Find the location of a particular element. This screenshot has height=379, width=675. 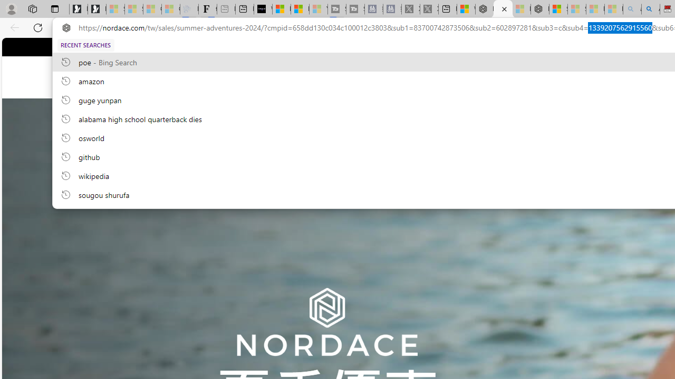

'Nordace - Nordace Siena Is Not An Ordinary Backpack' is located at coordinates (540, 9).